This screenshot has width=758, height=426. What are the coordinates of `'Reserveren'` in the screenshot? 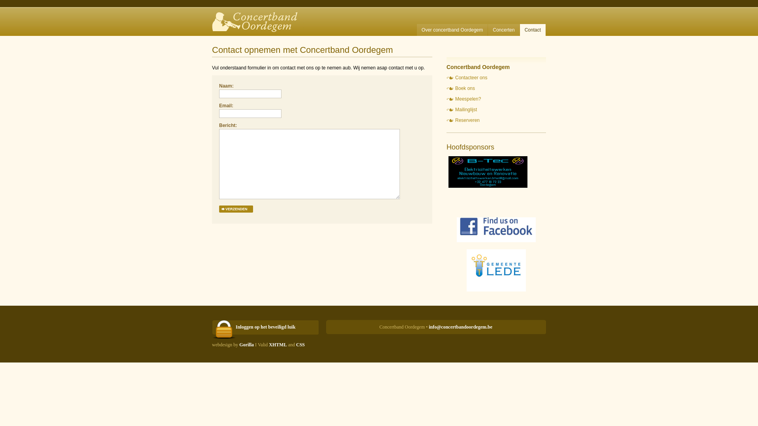 It's located at (463, 120).